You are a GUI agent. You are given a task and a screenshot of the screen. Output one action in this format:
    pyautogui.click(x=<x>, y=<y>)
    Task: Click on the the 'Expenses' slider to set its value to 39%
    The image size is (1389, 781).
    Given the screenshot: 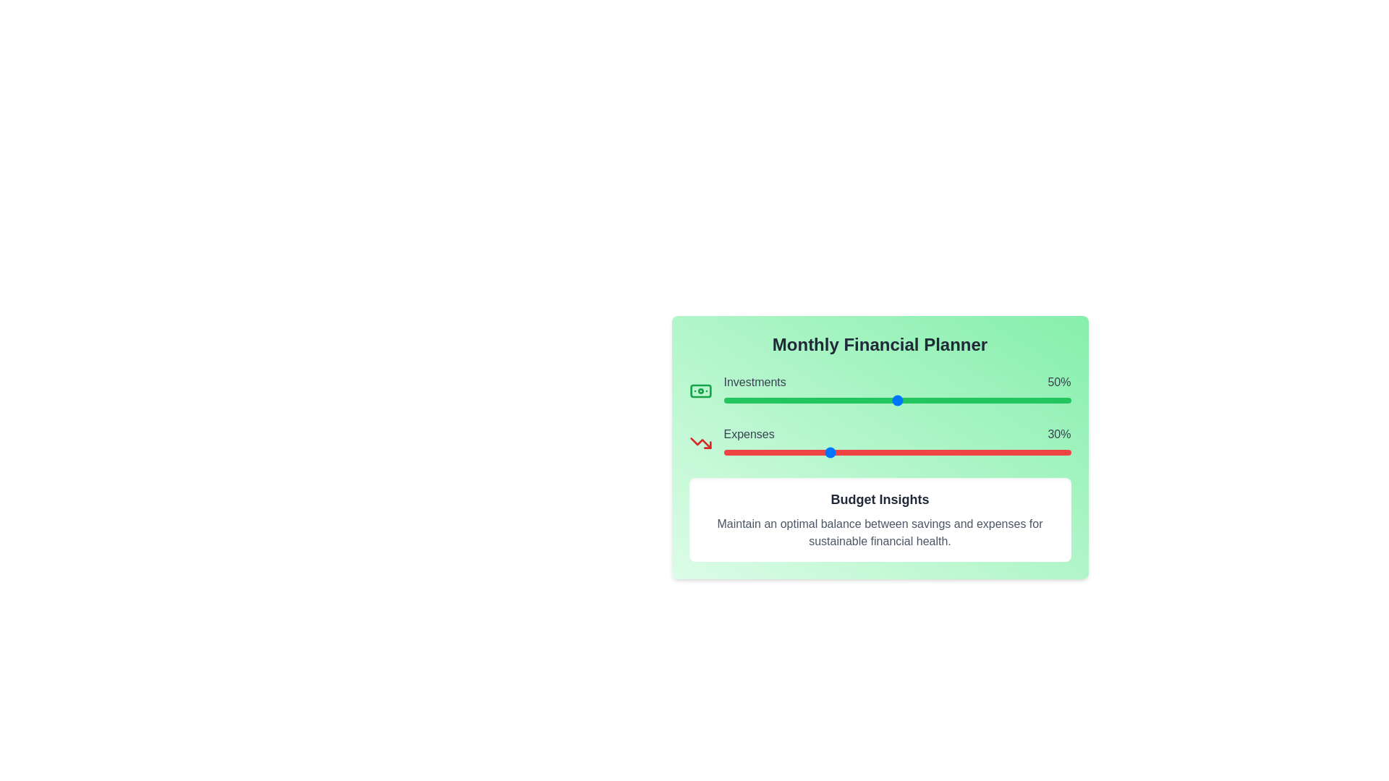 What is the action you would take?
    pyautogui.click(x=859, y=451)
    